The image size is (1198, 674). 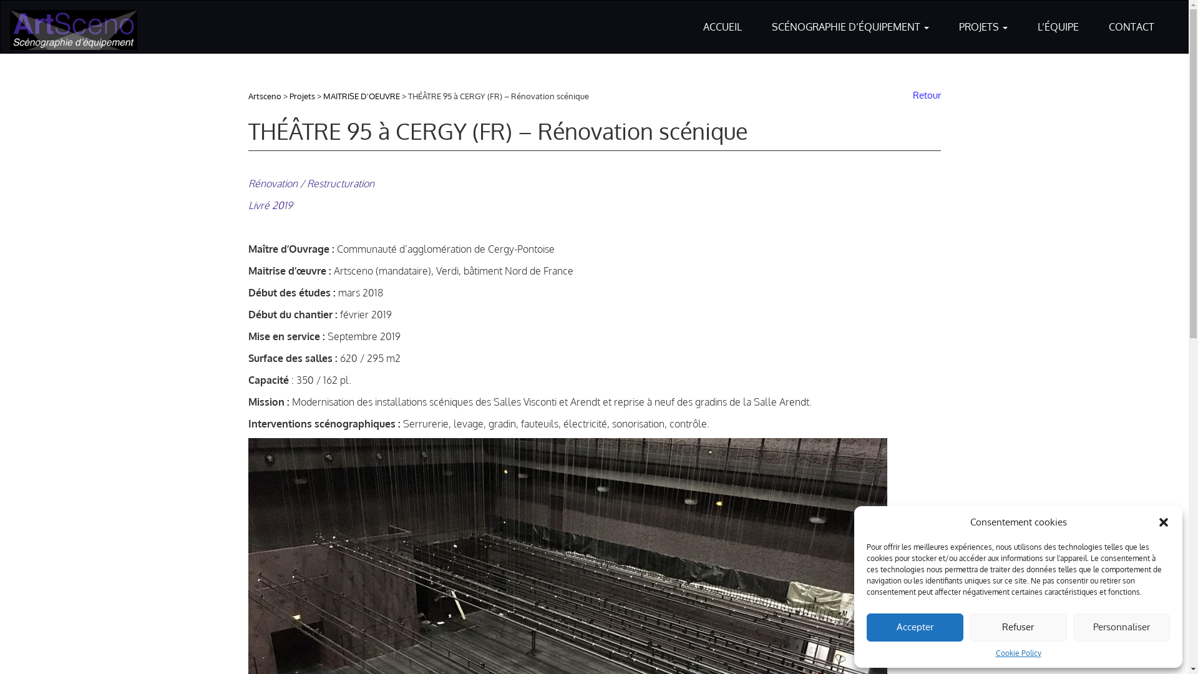 I want to click on 'Personnaliser', so click(x=1121, y=627).